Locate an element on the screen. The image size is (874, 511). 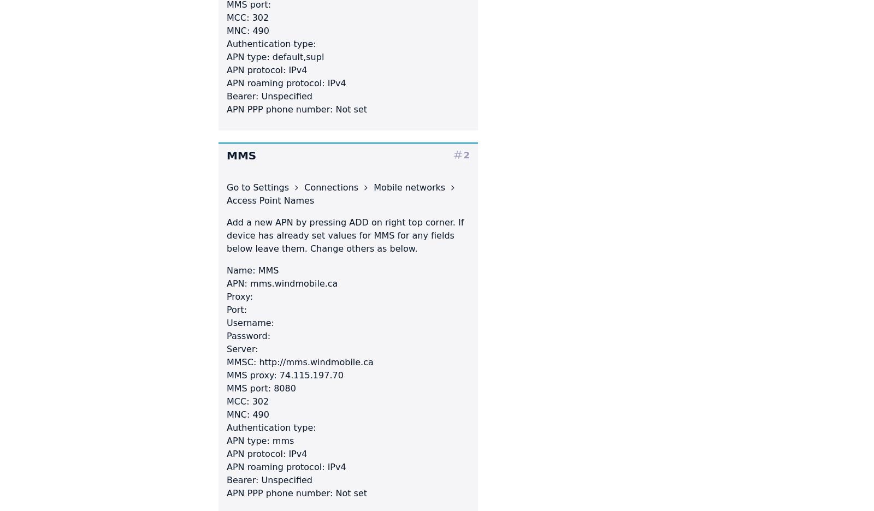
'2' is located at coordinates (463, 155).